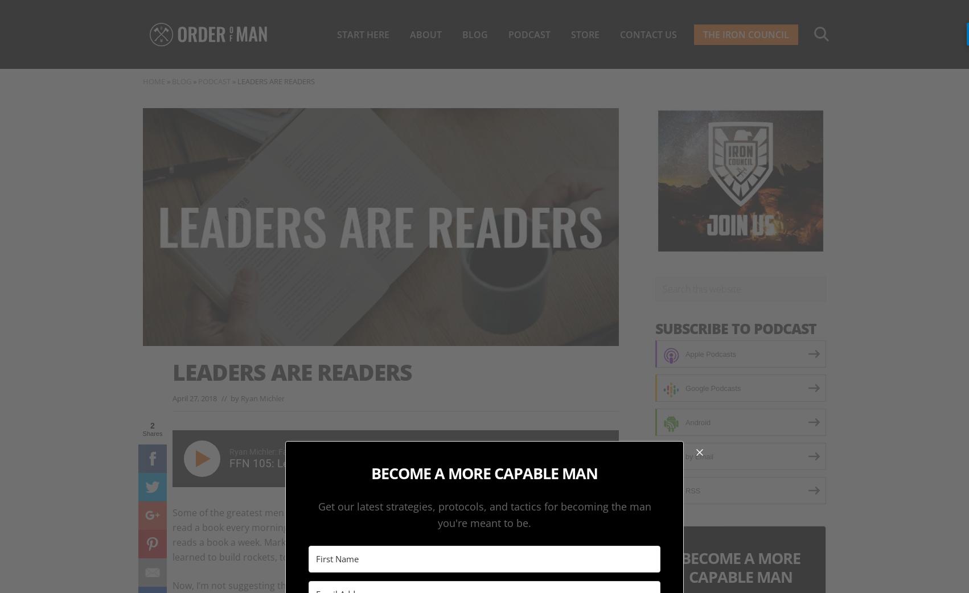 Image resolution: width=969 pixels, height=593 pixels. Describe the element at coordinates (585, 34) in the screenshot. I see `'Store'` at that location.